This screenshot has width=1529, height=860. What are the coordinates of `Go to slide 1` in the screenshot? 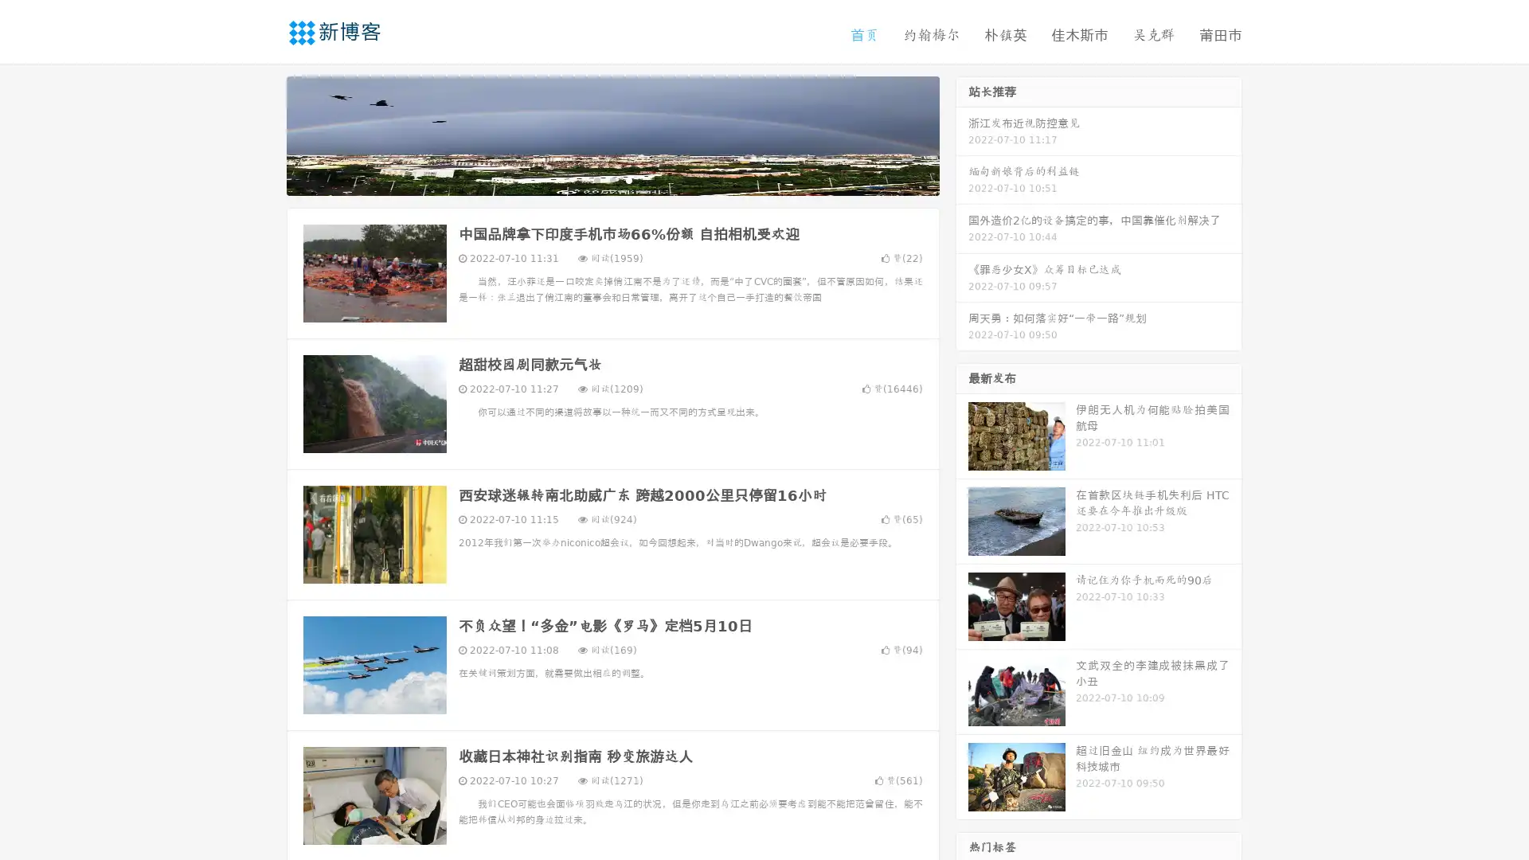 It's located at (596, 179).